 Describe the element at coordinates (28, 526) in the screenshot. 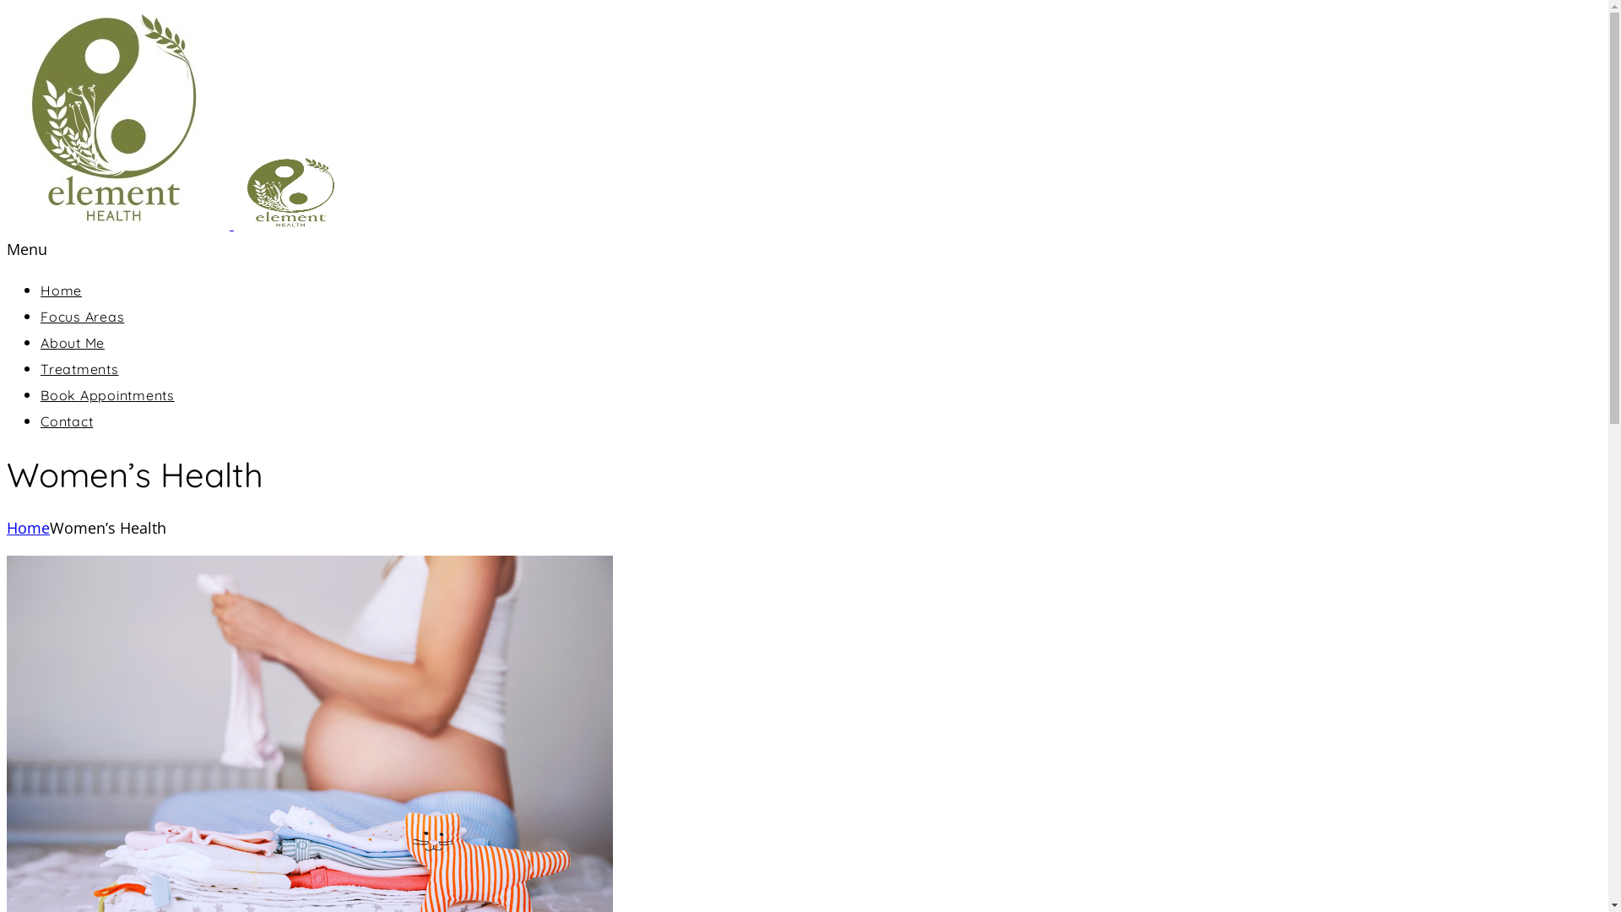

I see `'Home'` at that location.